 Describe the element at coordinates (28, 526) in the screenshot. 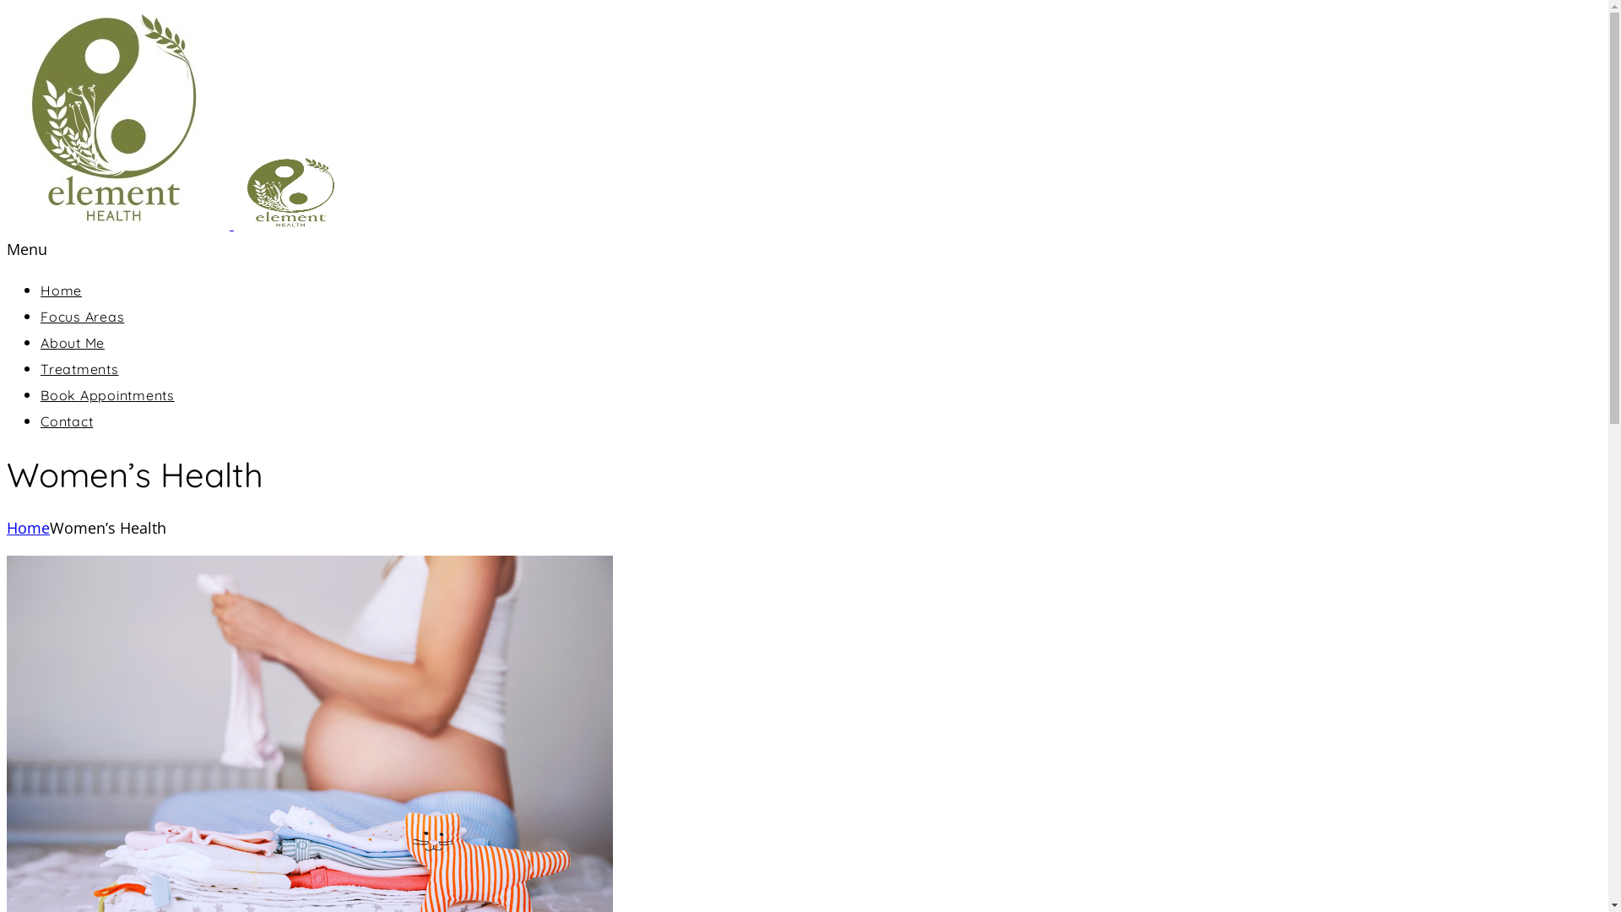

I see `'Home'` at that location.